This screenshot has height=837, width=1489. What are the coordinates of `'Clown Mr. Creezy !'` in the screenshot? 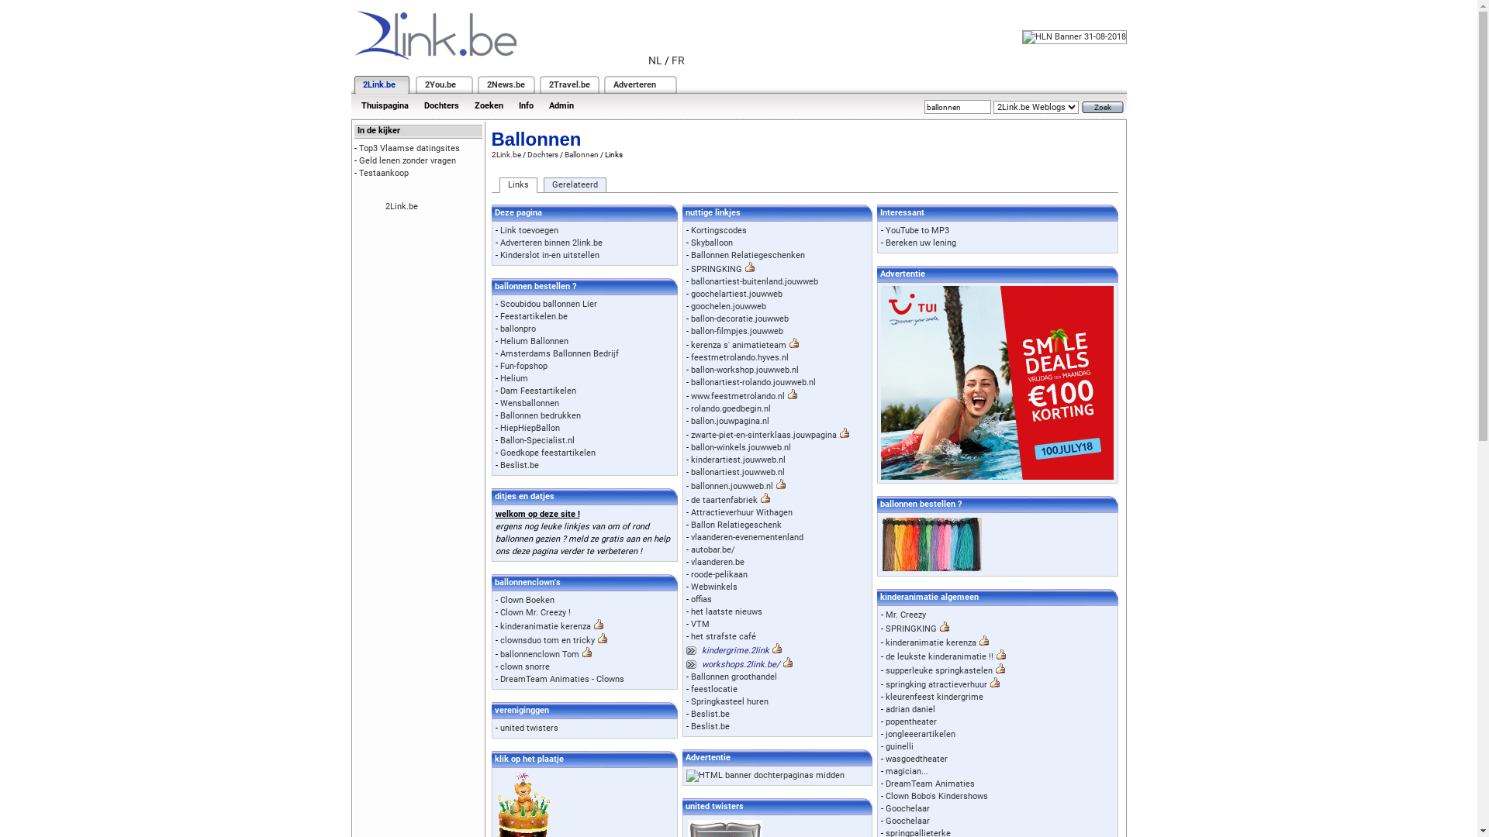 It's located at (534, 611).